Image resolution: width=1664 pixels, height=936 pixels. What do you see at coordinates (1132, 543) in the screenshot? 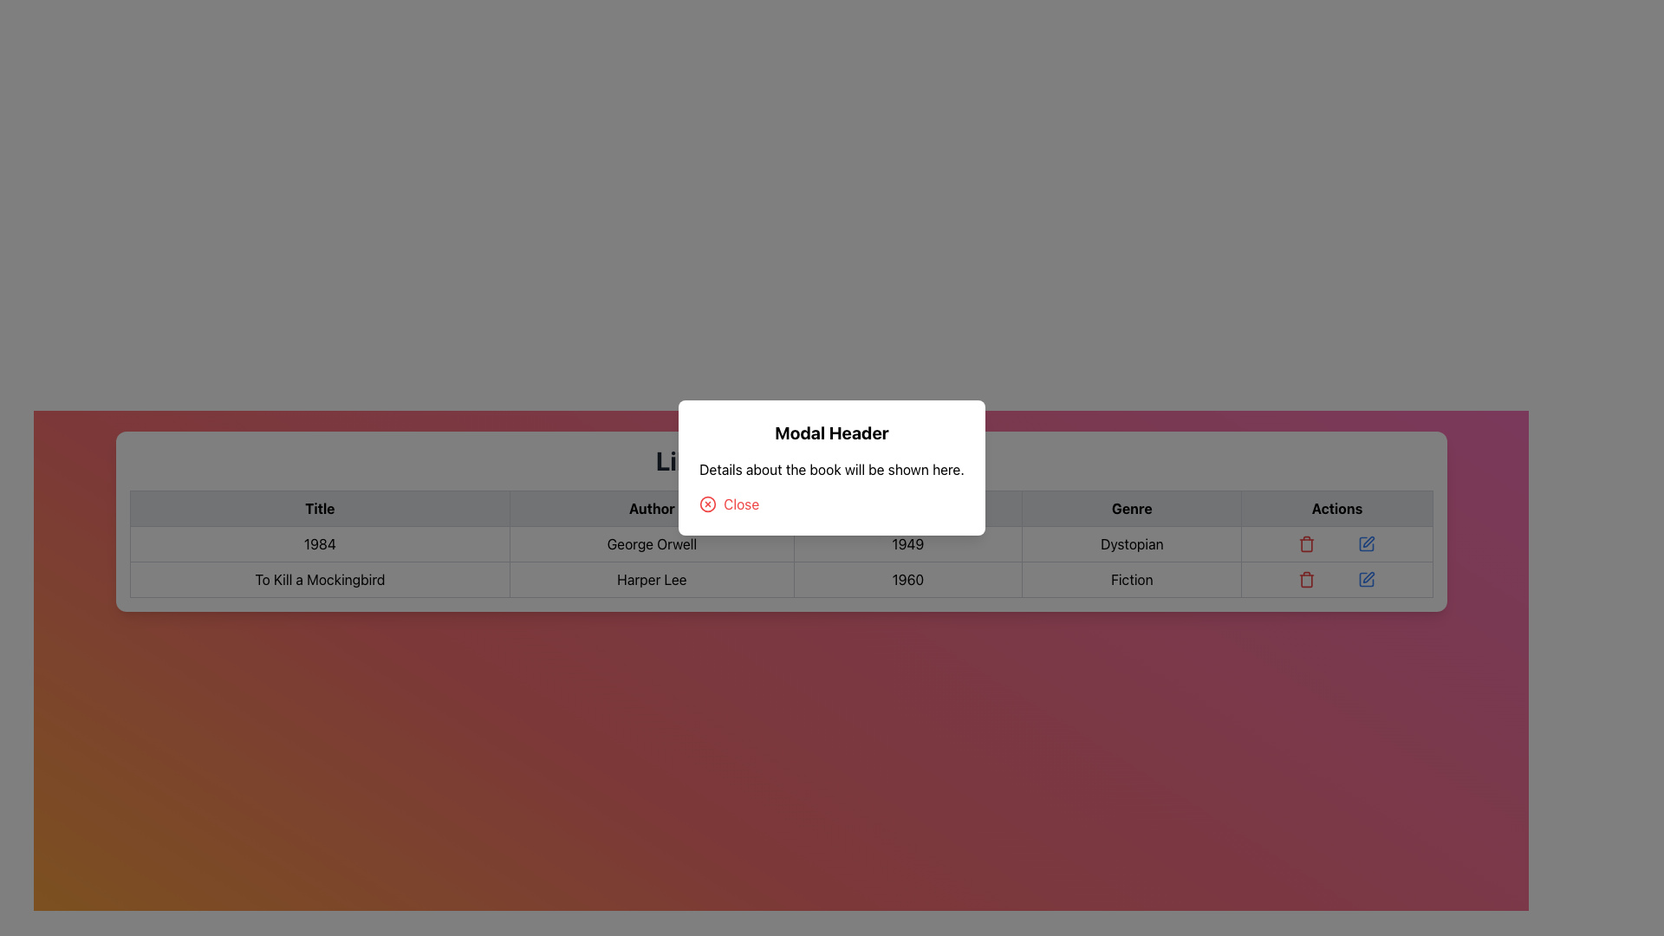
I see `the Label element displaying the text 'Dystopian' in the 'Genre' column of the first row of the table` at bounding box center [1132, 543].